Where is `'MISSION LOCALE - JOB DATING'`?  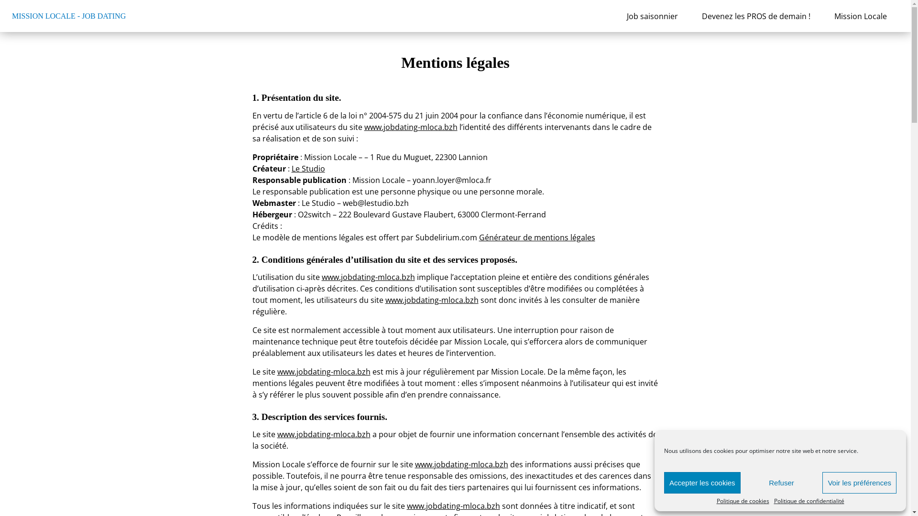 'MISSION LOCALE - JOB DATING' is located at coordinates (68, 16).